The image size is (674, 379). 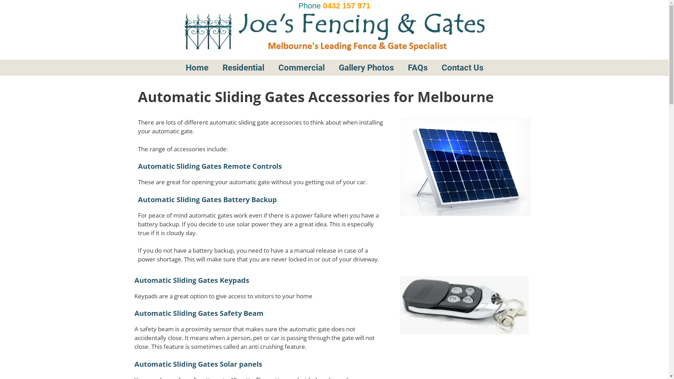 What do you see at coordinates (415, 67) in the screenshot?
I see `'FAQs'` at bounding box center [415, 67].